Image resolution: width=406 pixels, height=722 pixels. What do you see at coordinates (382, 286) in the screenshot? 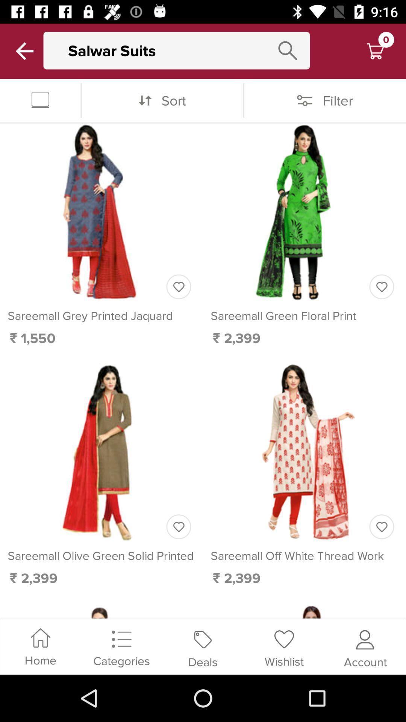
I see `love outfit` at bounding box center [382, 286].